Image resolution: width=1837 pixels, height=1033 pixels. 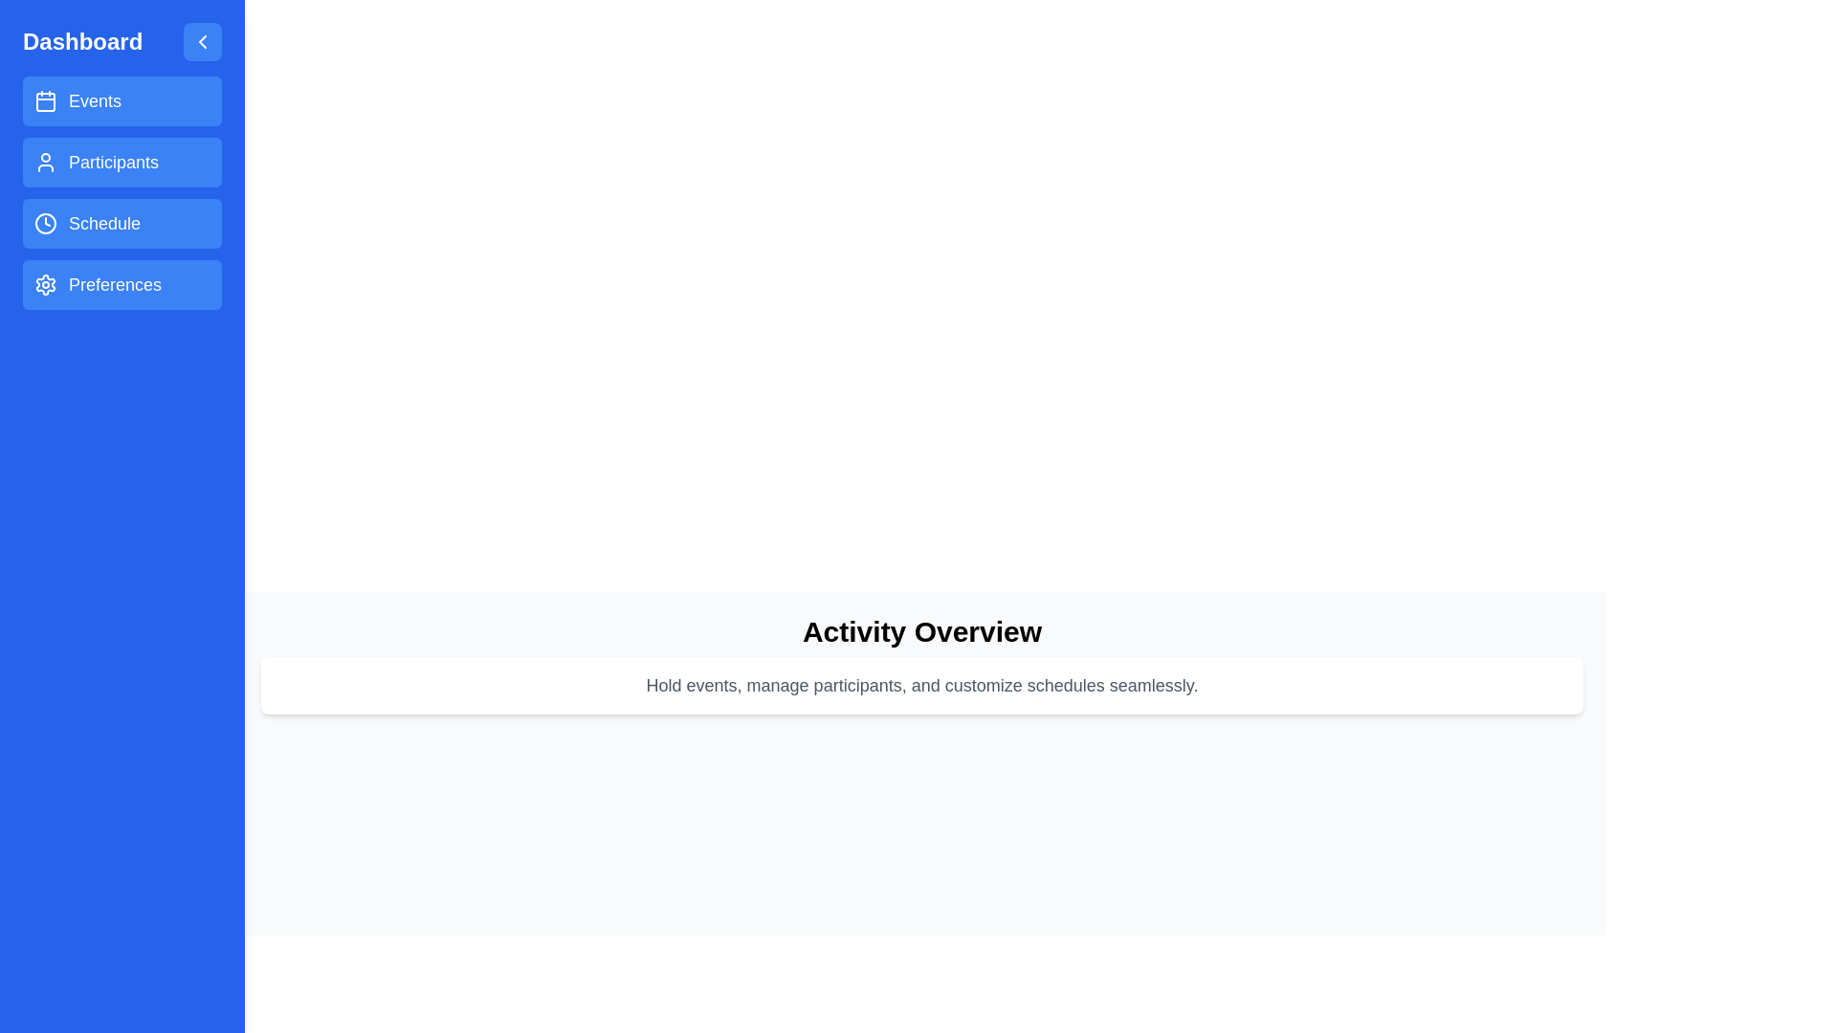 I want to click on the menu option Participants in the drawer, so click(x=122, y=161).